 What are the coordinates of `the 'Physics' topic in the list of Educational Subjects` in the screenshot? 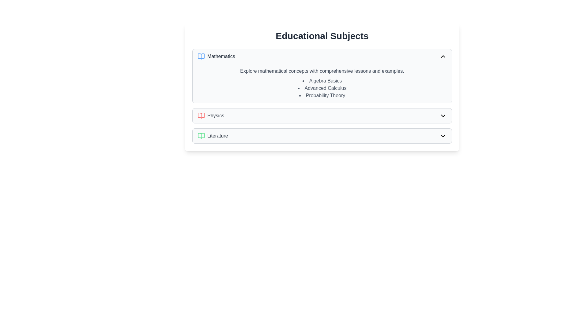 It's located at (211, 116).